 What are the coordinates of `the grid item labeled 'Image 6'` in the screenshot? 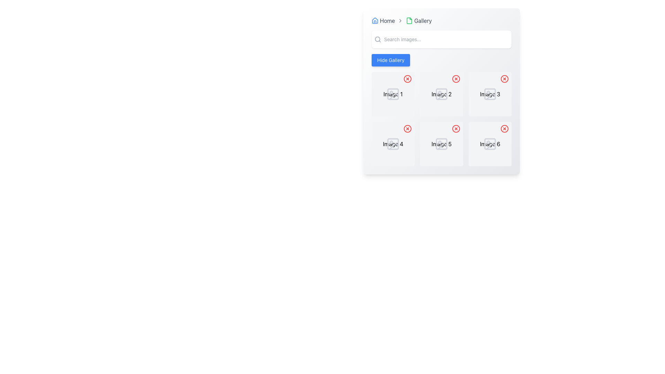 It's located at (490, 144).